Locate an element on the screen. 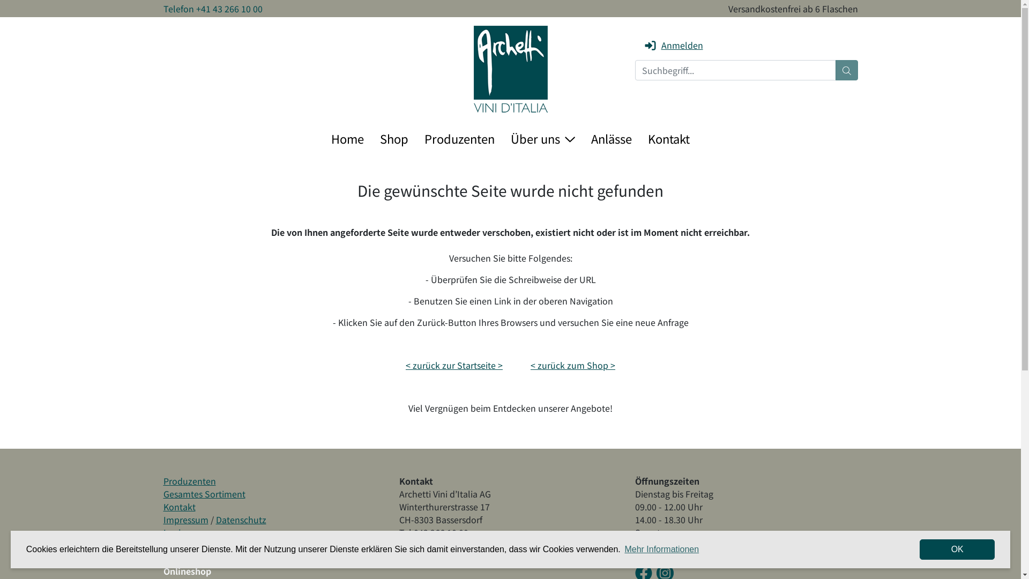 The width and height of the screenshot is (1029, 579). 'info@archetti.ch' is located at coordinates (432, 545).